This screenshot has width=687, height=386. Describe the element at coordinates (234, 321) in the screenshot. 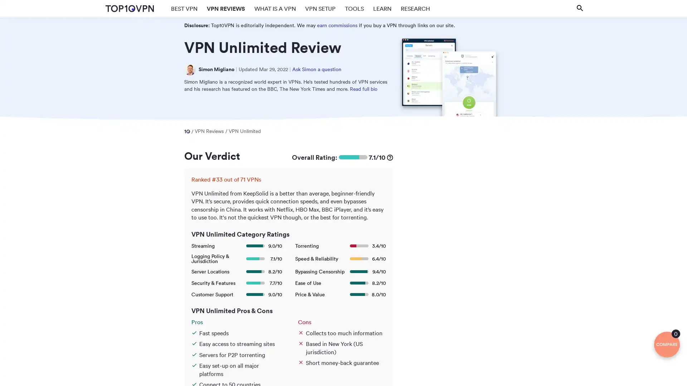

I see `Pros` at that location.